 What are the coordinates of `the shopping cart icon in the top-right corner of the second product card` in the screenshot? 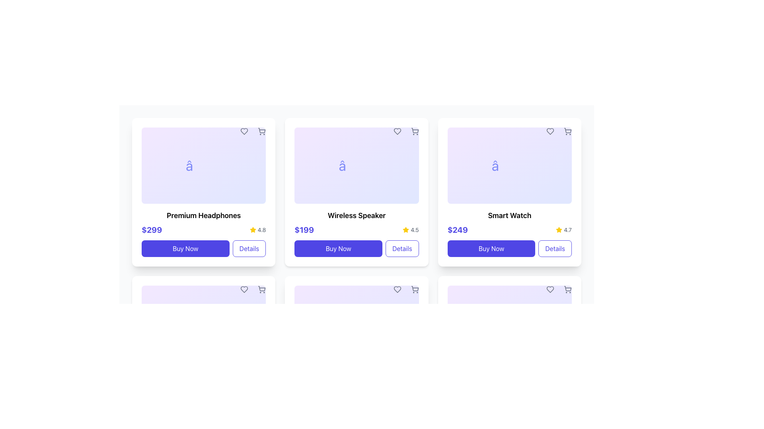 It's located at (414, 130).